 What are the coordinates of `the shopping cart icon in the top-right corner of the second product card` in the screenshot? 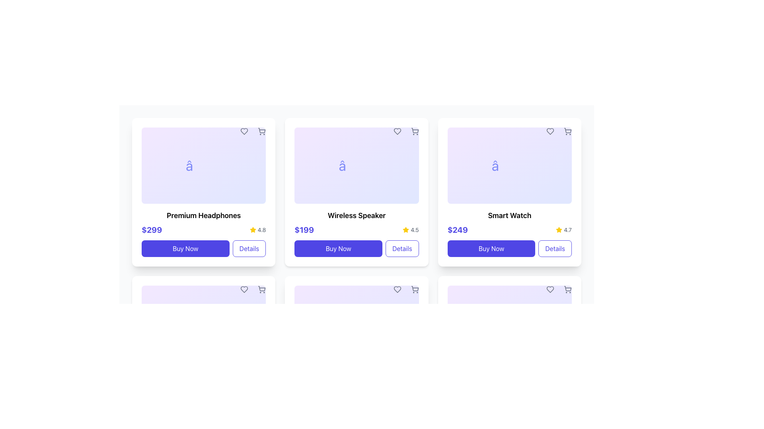 It's located at (414, 130).